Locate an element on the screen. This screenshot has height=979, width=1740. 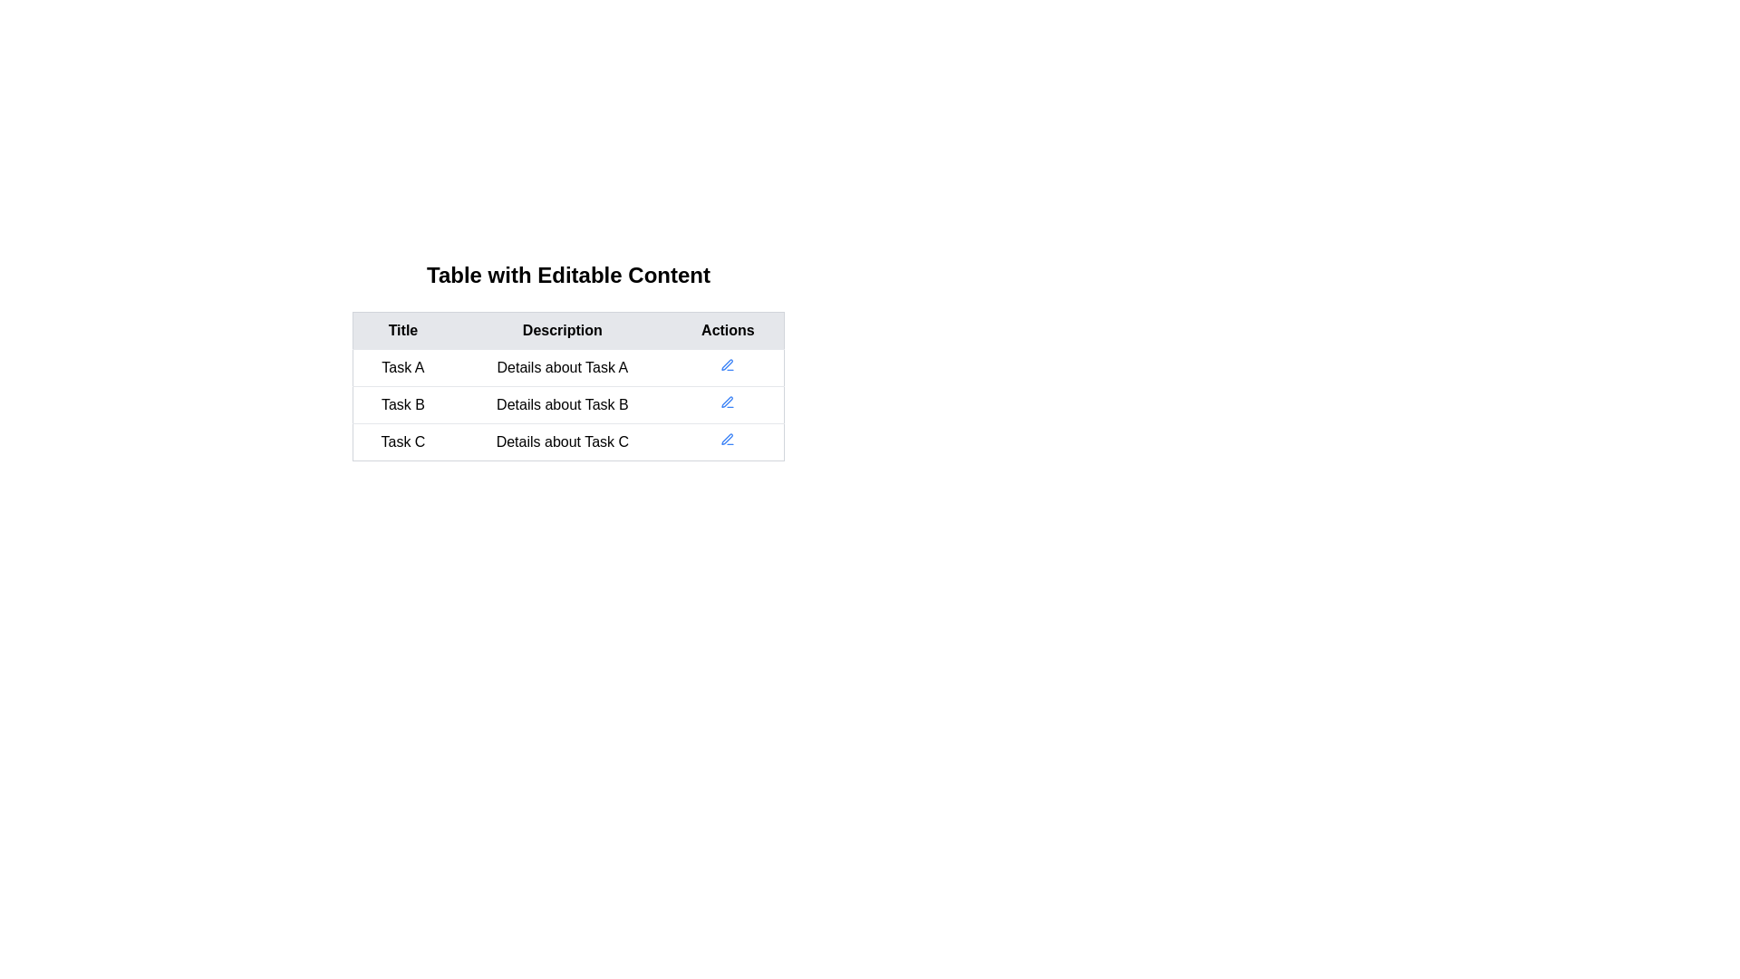
the static text label that identifies 'Task A' in the first row of the table under the 'Title' column is located at coordinates (401, 367).